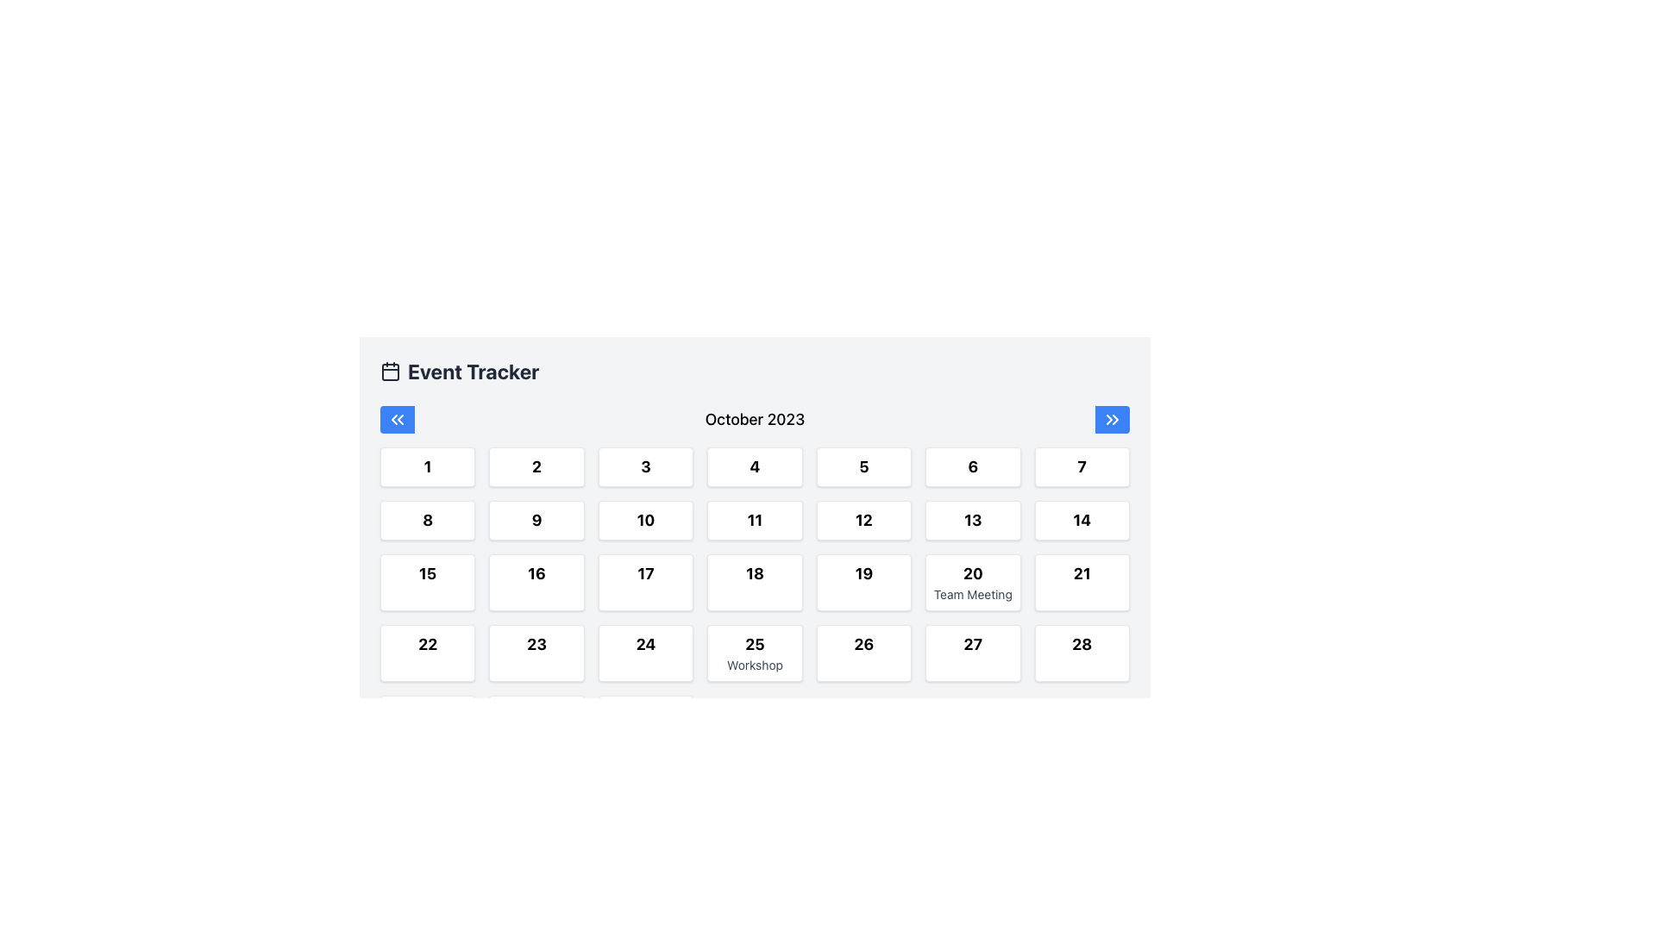  I want to click on the static text element representing the calendar day '14', so click(1081, 520).